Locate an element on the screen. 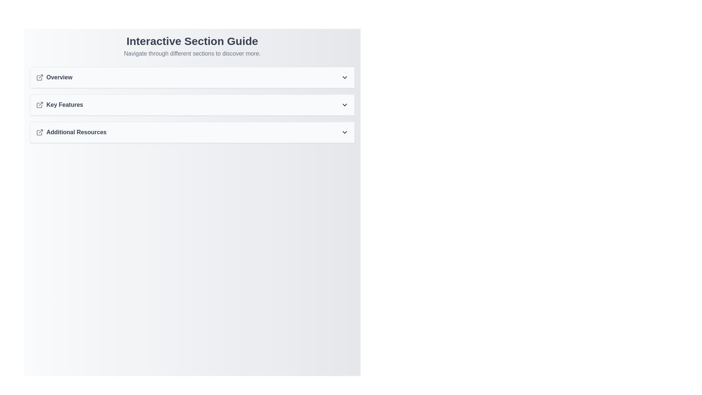 The image size is (702, 395). the downward-facing chevron icon button on the right side of the 'Overview' section is located at coordinates (344, 78).